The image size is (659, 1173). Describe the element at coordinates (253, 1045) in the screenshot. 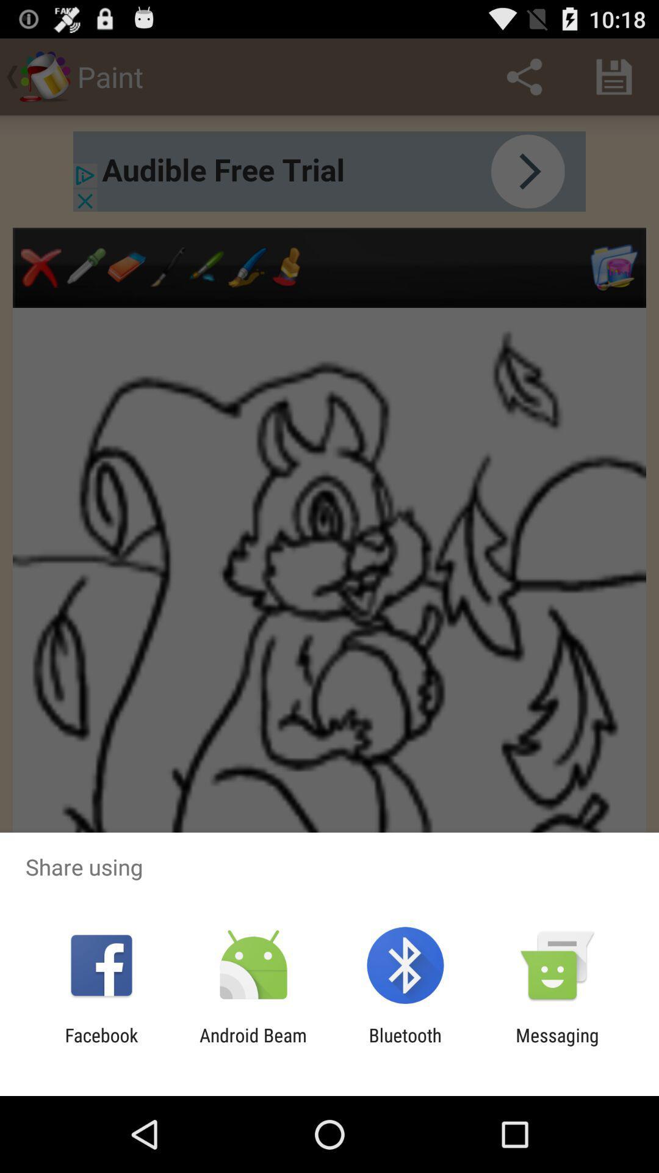

I see `icon next to the facebook item` at that location.